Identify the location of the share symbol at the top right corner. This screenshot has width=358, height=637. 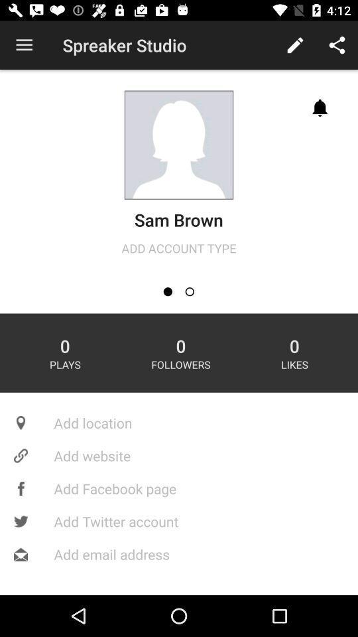
(337, 45).